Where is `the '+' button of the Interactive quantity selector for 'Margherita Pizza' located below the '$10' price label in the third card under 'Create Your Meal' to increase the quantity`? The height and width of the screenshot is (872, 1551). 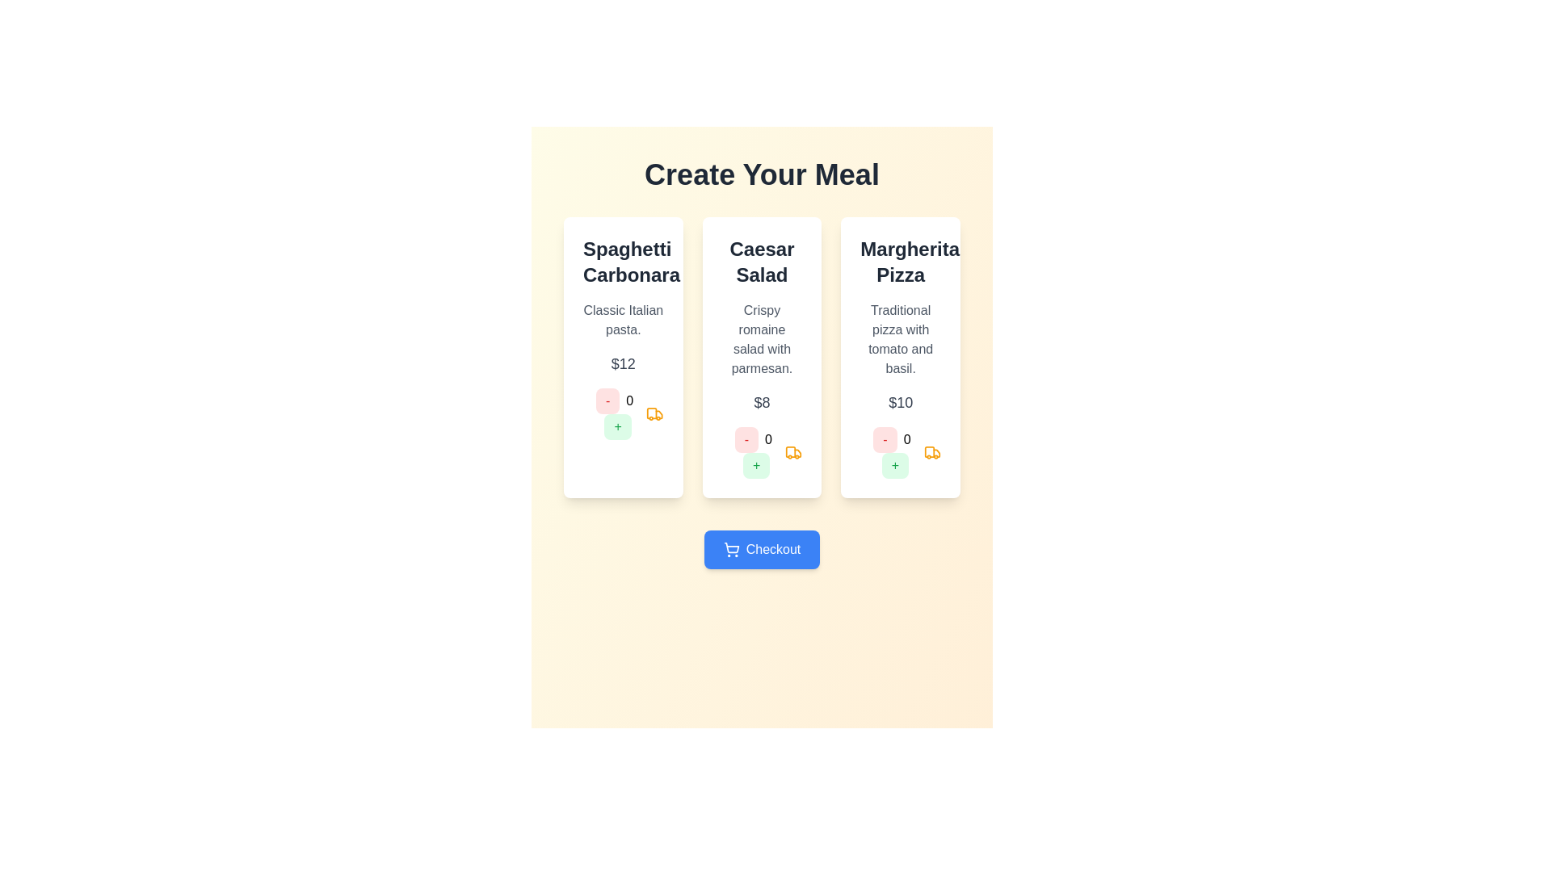
the '+' button of the Interactive quantity selector for 'Margherita Pizza' located below the '$10' price label in the third card under 'Create Your Meal' to increase the quantity is located at coordinates (900, 452).